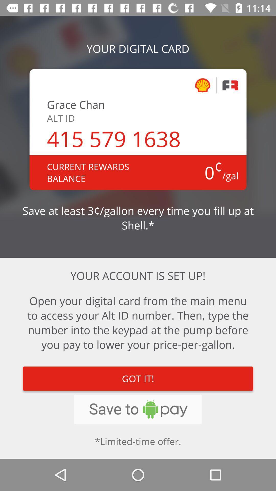 This screenshot has height=491, width=276. I want to click on item below open your digital icon, so click(138, 378).